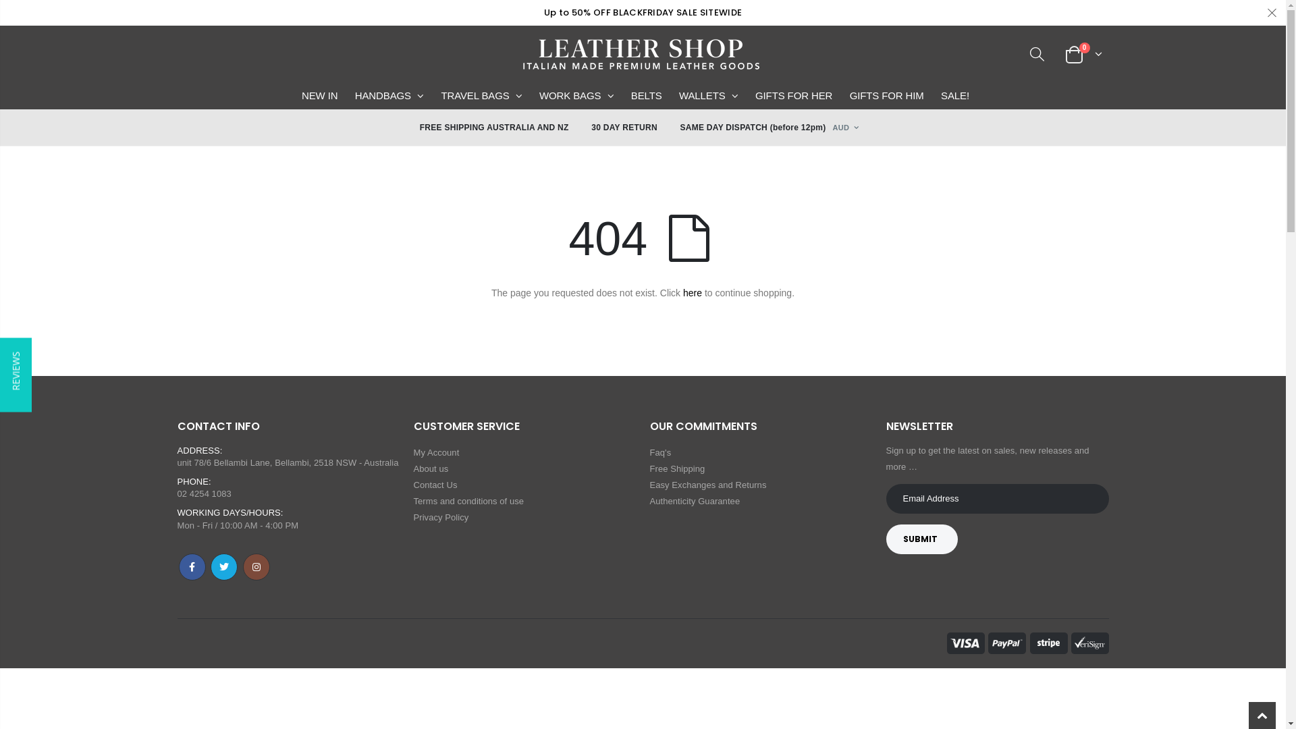 The image size is (1296, 729). What do you see at coordinates (488, 91) in the screenshot?
I see `'TRAVEL BAGS'` at bounding box center [488, 91].